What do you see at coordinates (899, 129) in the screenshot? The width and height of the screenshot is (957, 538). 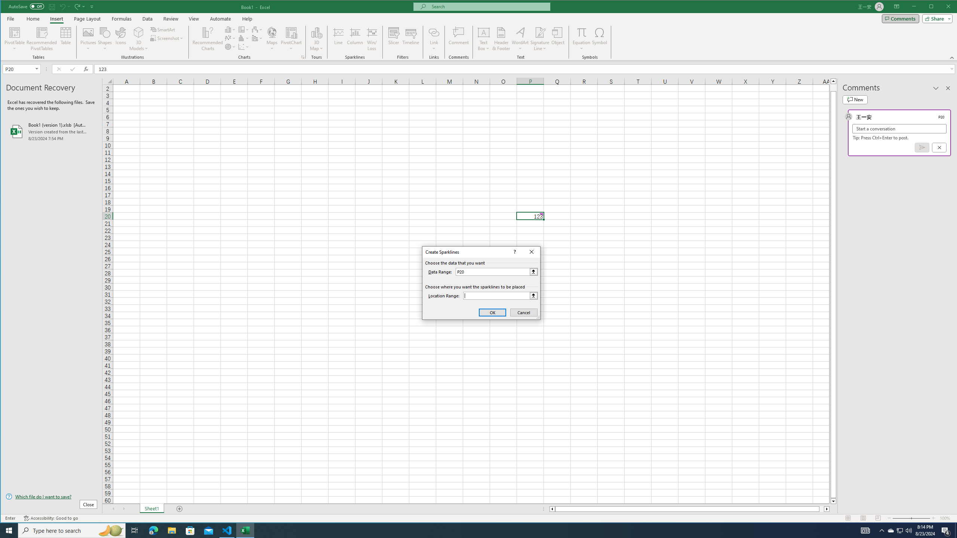 I see `'Start a conversation'` at bounding box center [899, 129].